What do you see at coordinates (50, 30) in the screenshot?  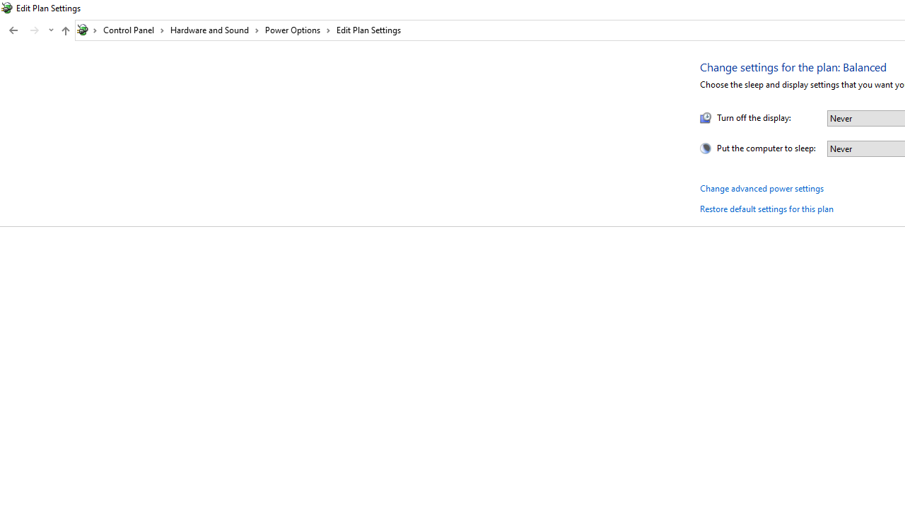 I see `'Recent locations'` at bounding box center [50, 30].